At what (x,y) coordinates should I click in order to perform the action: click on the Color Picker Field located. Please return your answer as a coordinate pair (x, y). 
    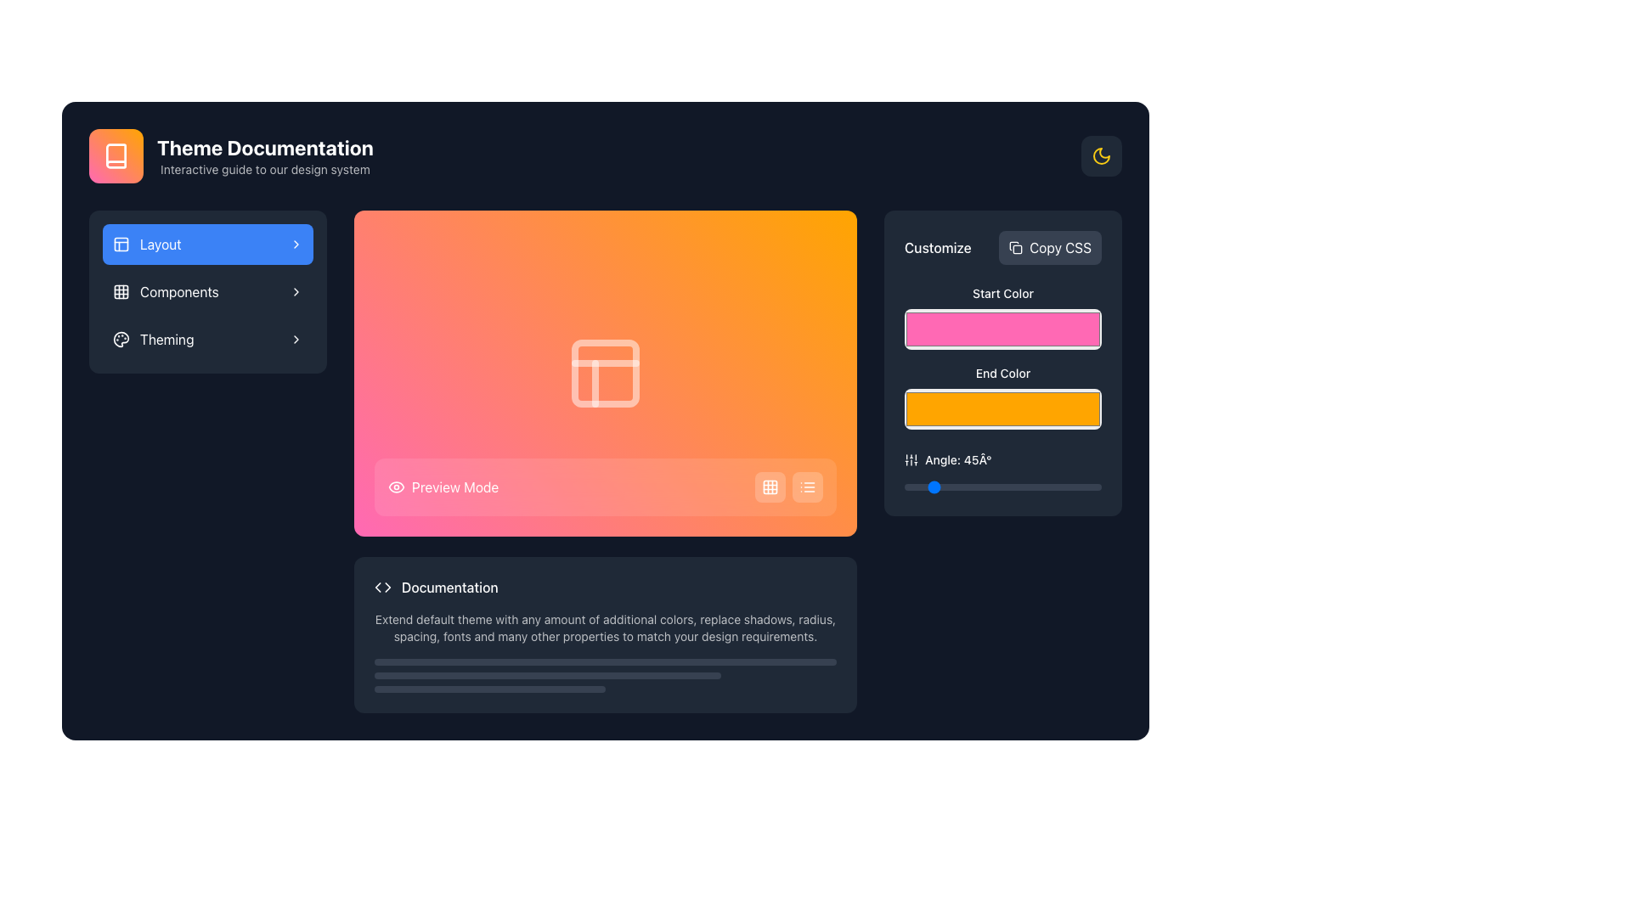
    Looking at the image, I should click on (1002, 398).